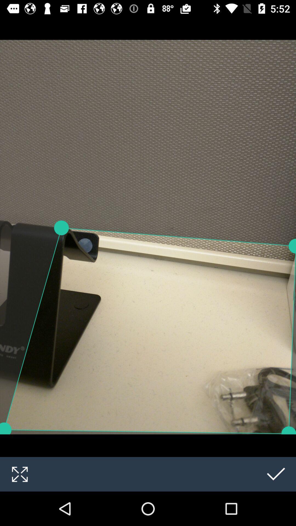  Describe the element at coordinates (19, 474) in the screenshot. I see `the fullscreen icon` at that location.